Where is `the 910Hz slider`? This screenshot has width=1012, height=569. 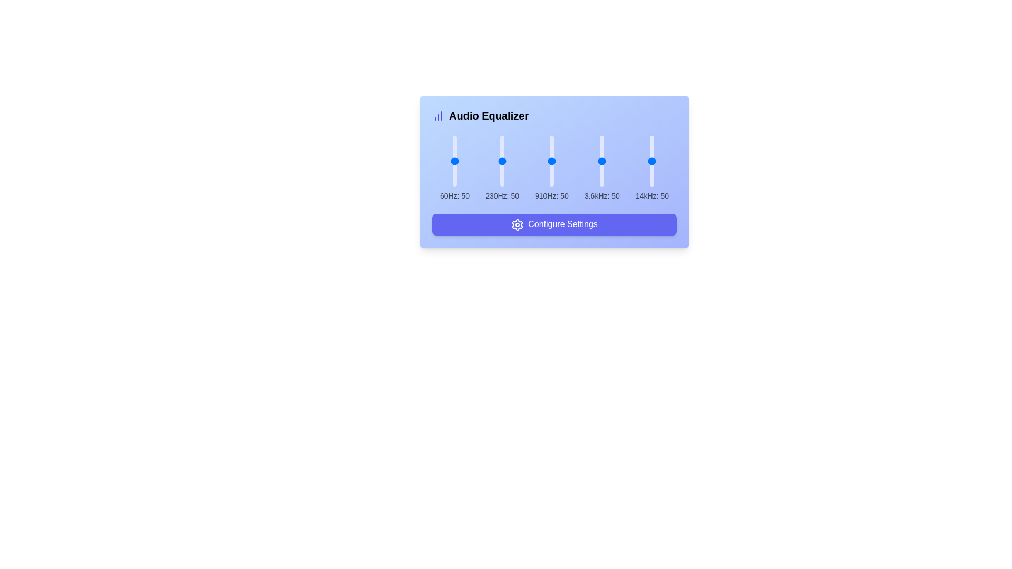
the 910Hz slider is located at coordinates (551, 174).